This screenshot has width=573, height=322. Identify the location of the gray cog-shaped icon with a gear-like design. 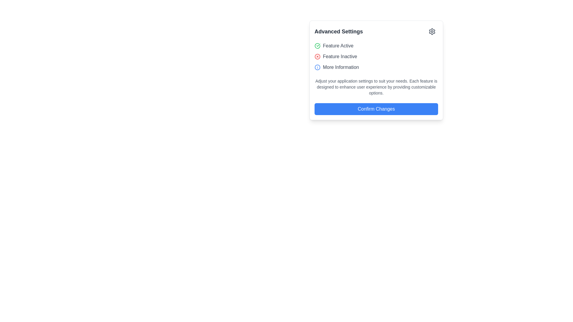
(432, 31).